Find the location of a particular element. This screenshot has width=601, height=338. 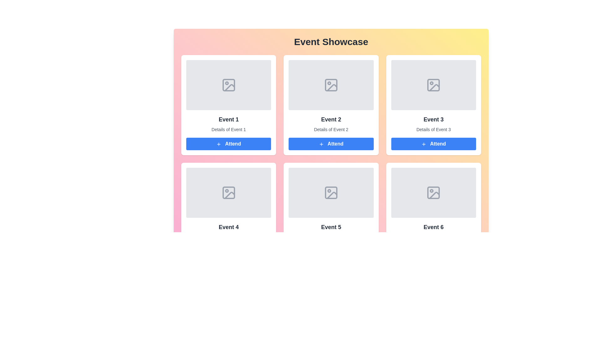

the placeholder icon for the absent image on the event card labeled 'Event 2', located in the second column of the first row of the grid layout is located at coordinates (331, 85).